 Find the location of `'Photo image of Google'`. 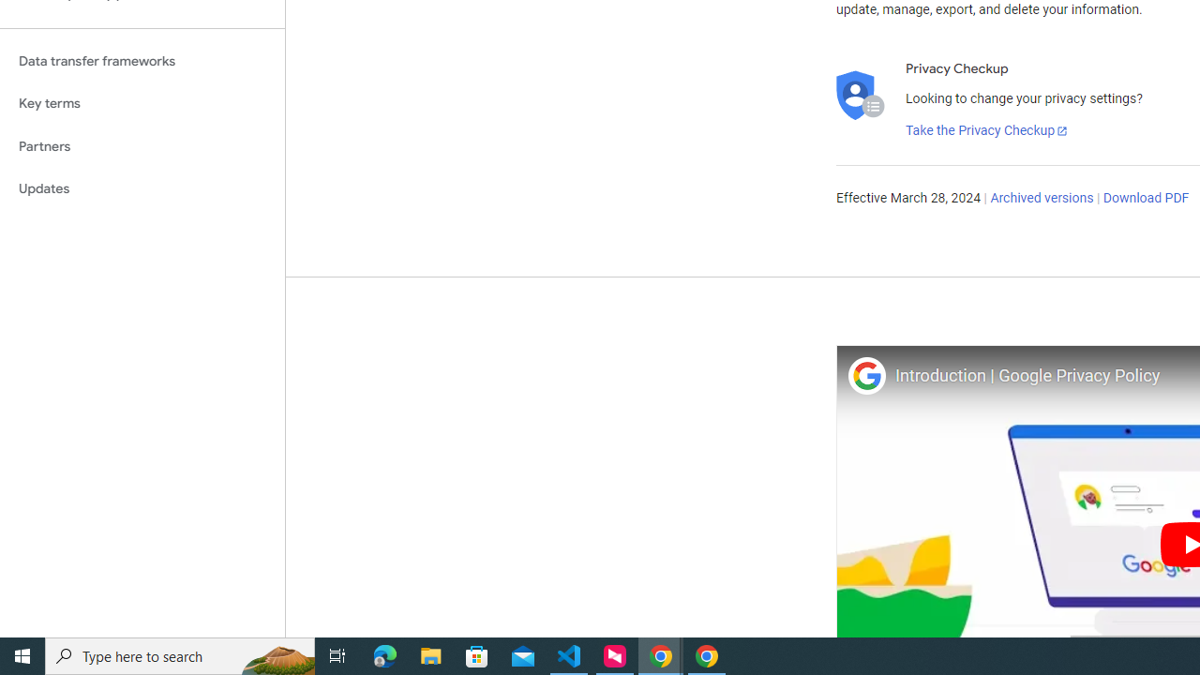

'Photo image of Google' is located at coordinates (865, 375).